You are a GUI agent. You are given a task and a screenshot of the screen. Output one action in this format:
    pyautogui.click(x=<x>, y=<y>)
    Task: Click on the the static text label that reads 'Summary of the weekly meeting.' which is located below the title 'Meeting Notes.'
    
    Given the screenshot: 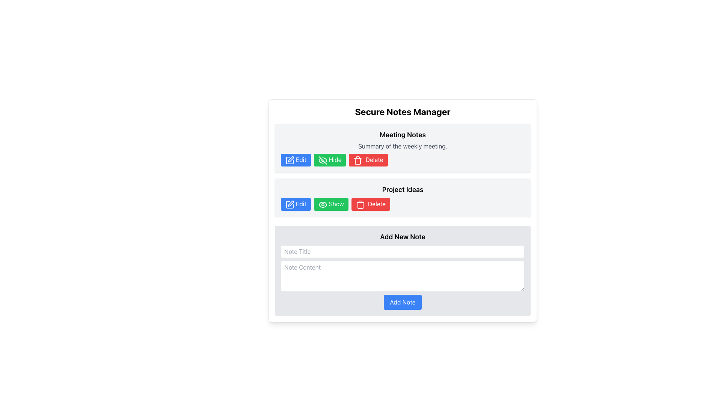 What is the action you would take?
    pyautogui.click(x=402, y=146)
    